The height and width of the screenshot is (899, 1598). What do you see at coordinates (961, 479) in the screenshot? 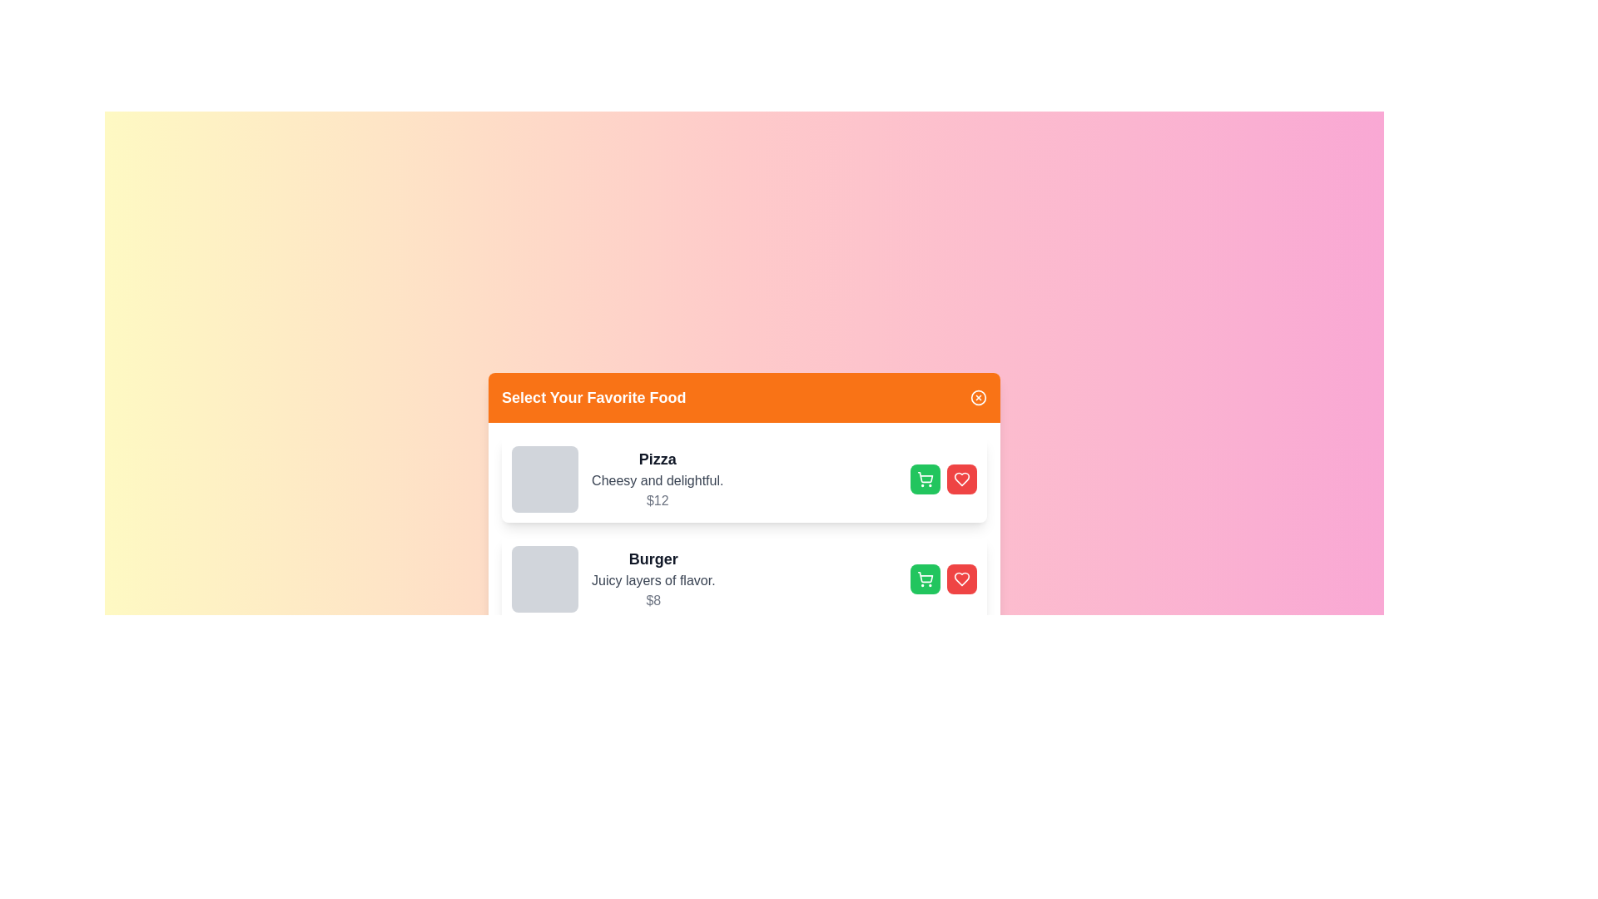
I see `favorite button for the food item identified by its name Pizza` at bounding box center [961, 479].